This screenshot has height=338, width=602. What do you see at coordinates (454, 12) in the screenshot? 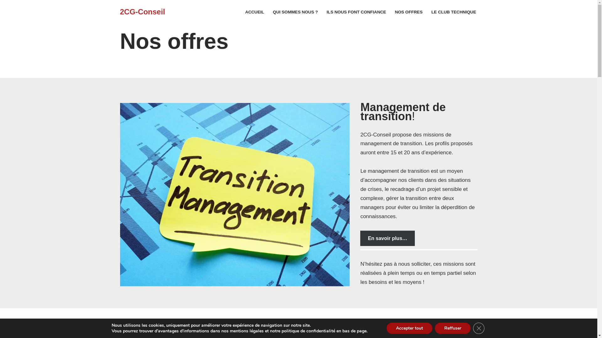
I see `'LE CLUB TECHNIQUE'` at bounding box center [454, 12].